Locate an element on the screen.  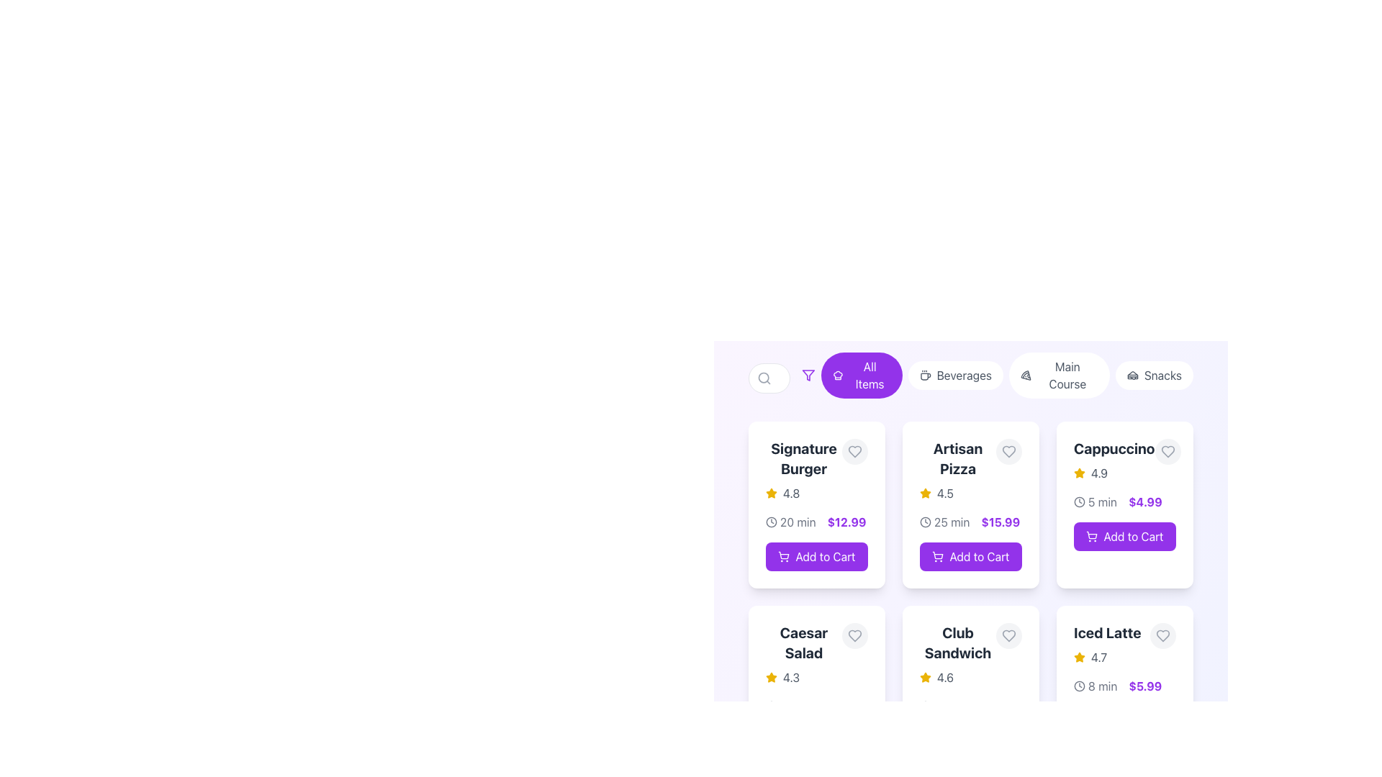
the 'Main Course' button in the horizontal toolbar to filter content and display items categorized under 'Main Course' is located at coordinates (1059, 374).